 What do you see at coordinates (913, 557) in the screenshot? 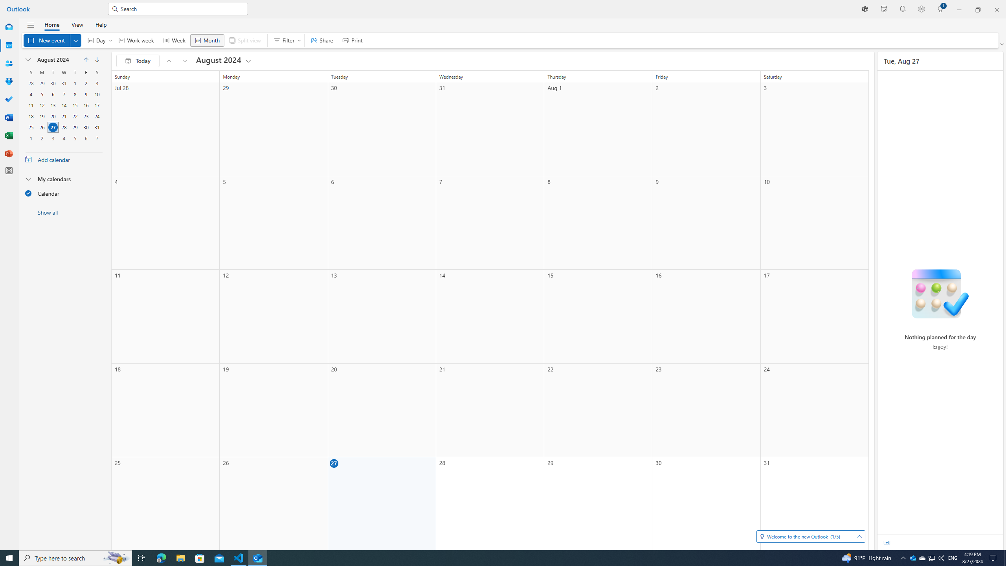
I see `'System Promoted Notification Area'` at bounding box center [913, 557].